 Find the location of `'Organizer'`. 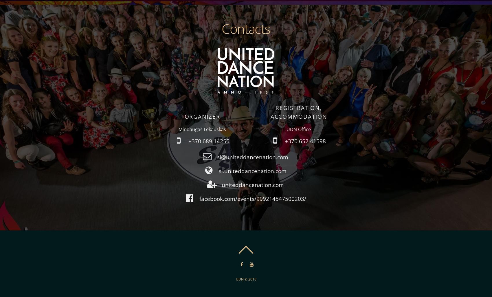

'Organizer' is located at coordinates (202, 116).